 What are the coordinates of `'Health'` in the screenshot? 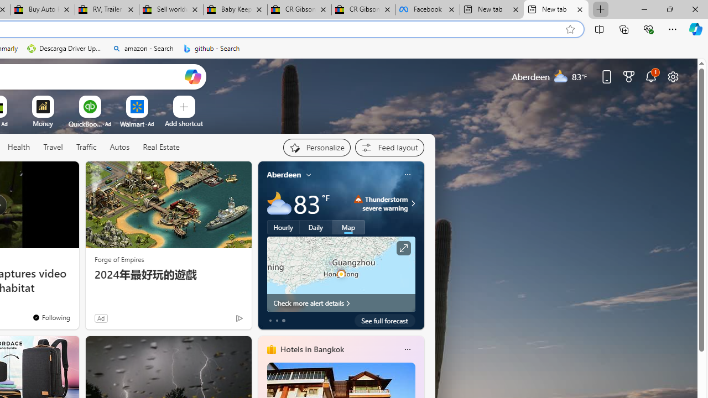 It's located at (18, 147).